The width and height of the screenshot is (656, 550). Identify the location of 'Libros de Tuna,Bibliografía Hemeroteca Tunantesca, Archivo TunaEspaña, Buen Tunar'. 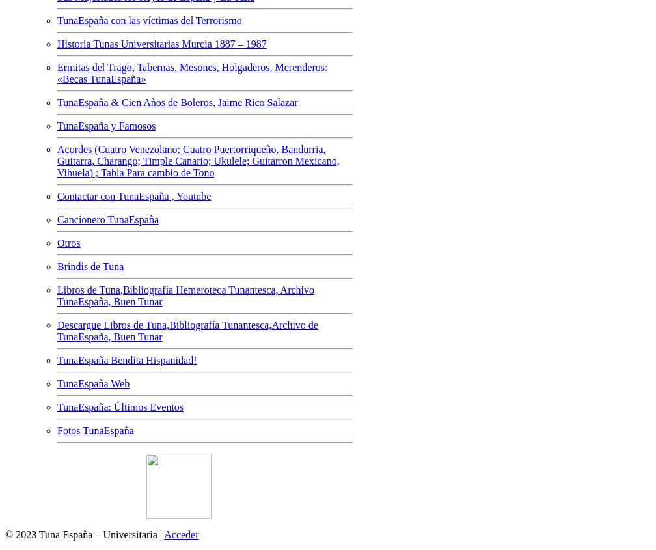
(57, 295).